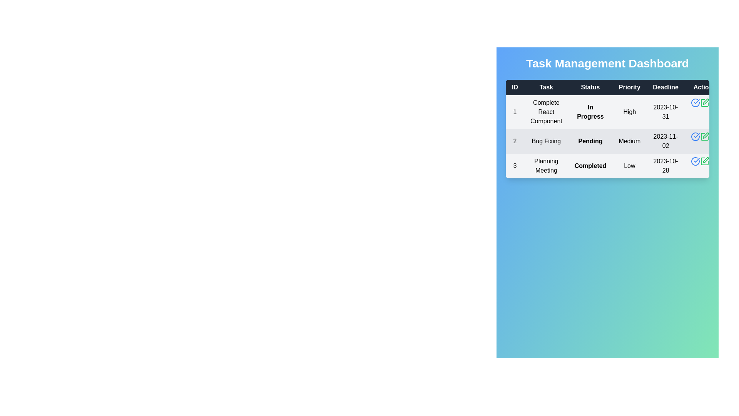 The height and width of the screenshot is (416, 739). What do you see at coordinates (695, 102) in the screenshot?
I see `the 'view details' icon for task 1` at bounding box center [695, 102].